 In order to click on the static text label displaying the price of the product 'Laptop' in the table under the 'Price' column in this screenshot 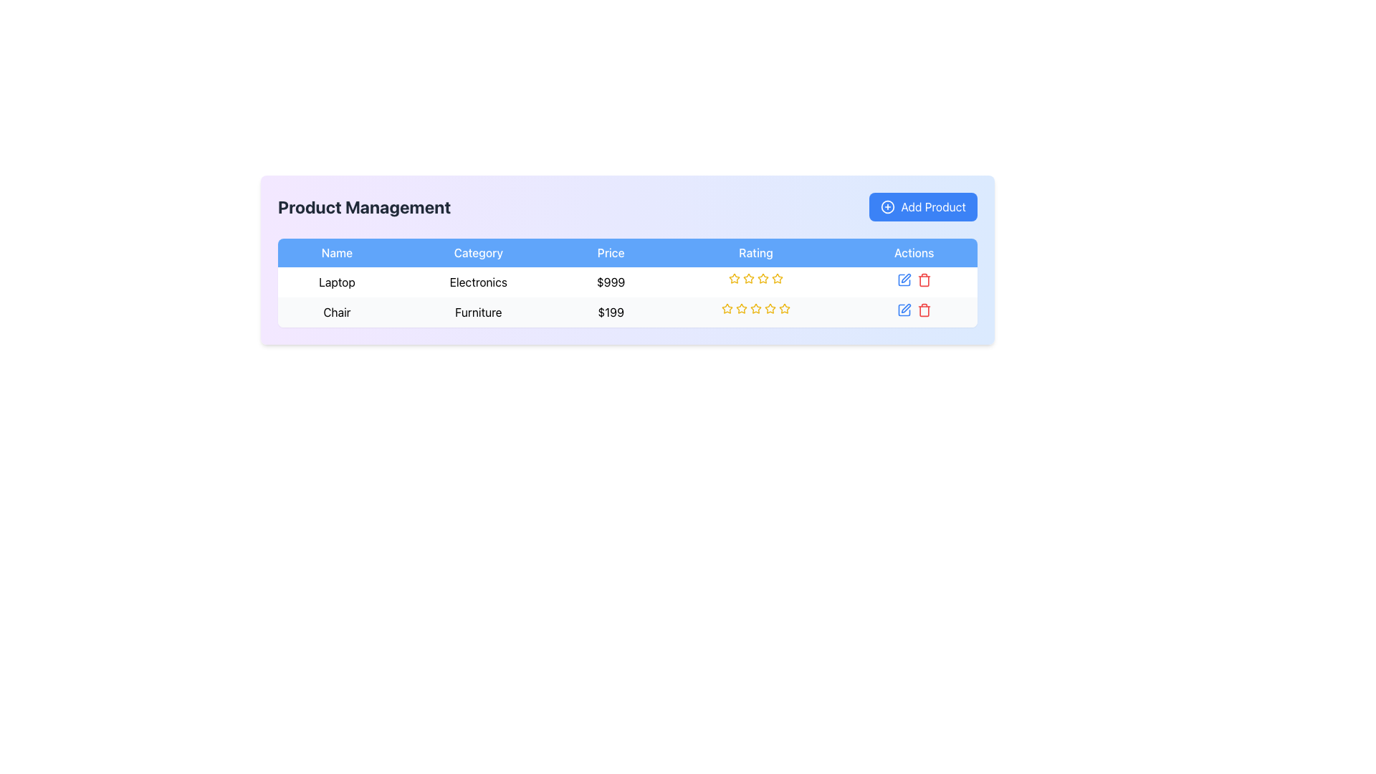, I will do `click(611, 282)`.